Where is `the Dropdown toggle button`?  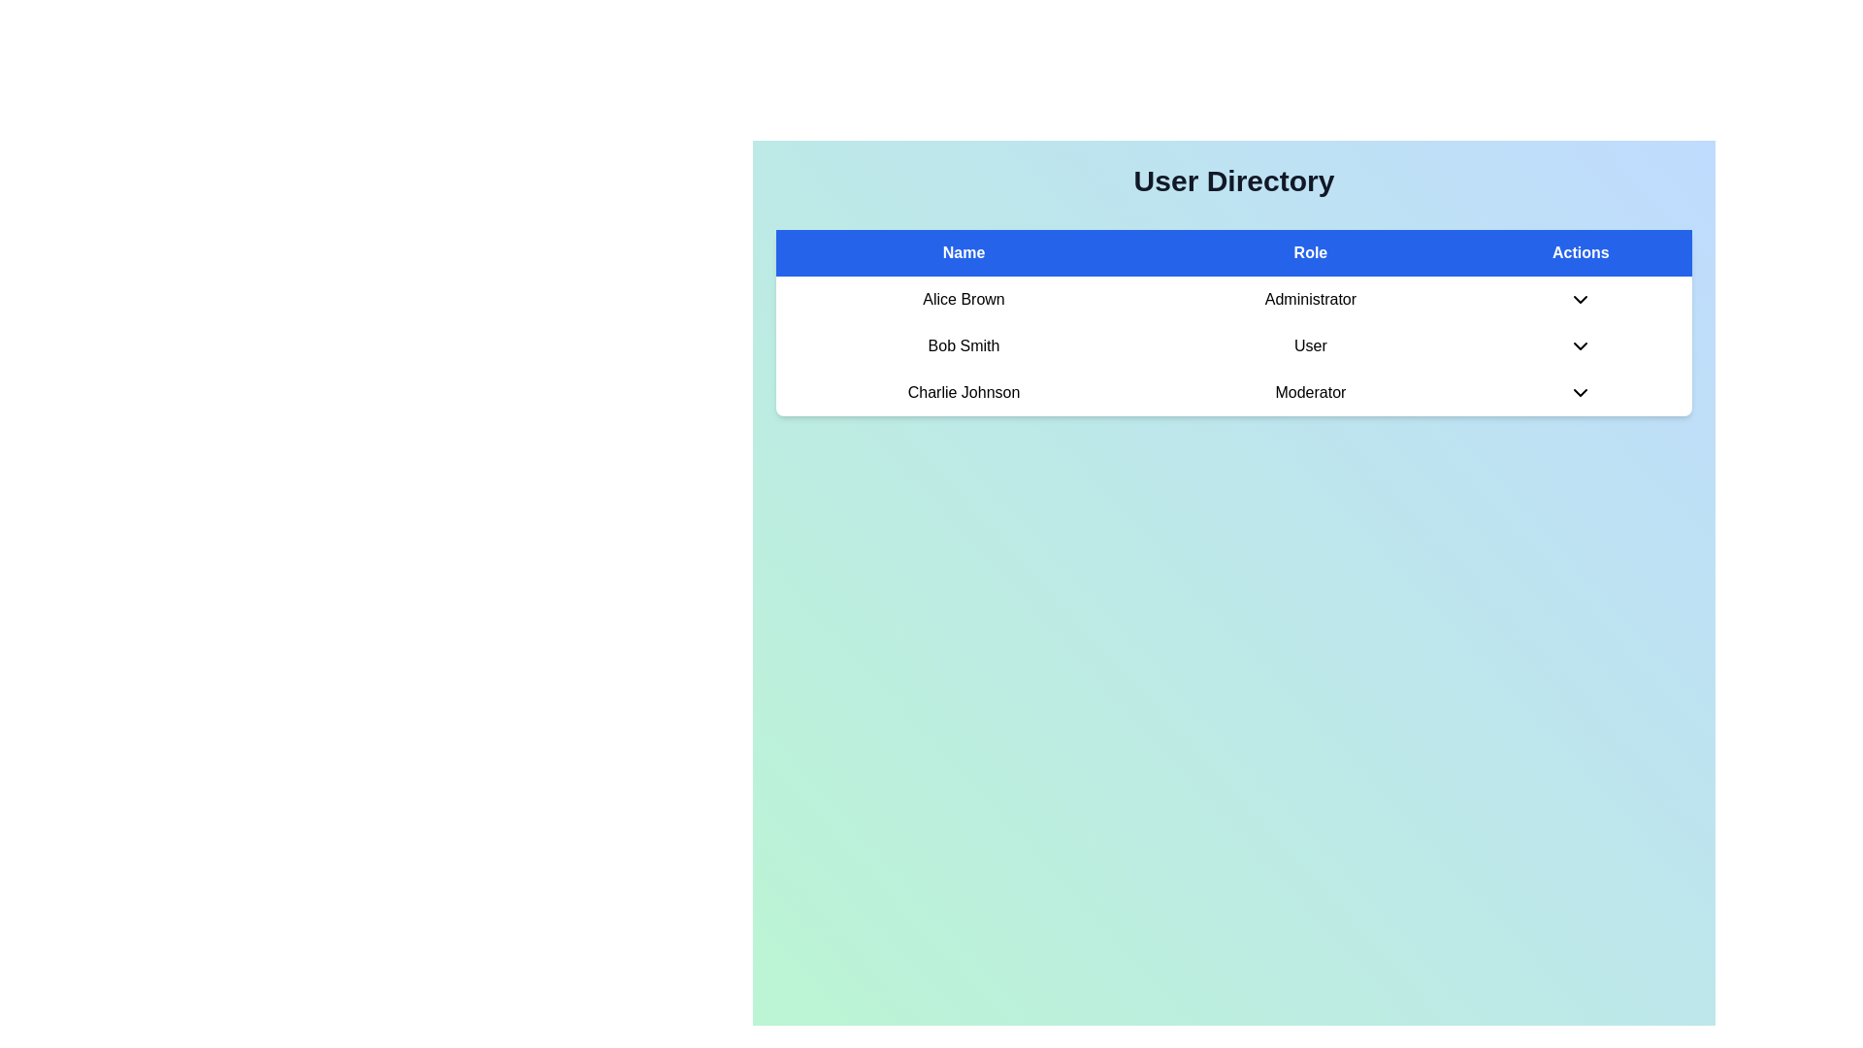
the Dropdown toggle button is located at coordinates (1580, 345).